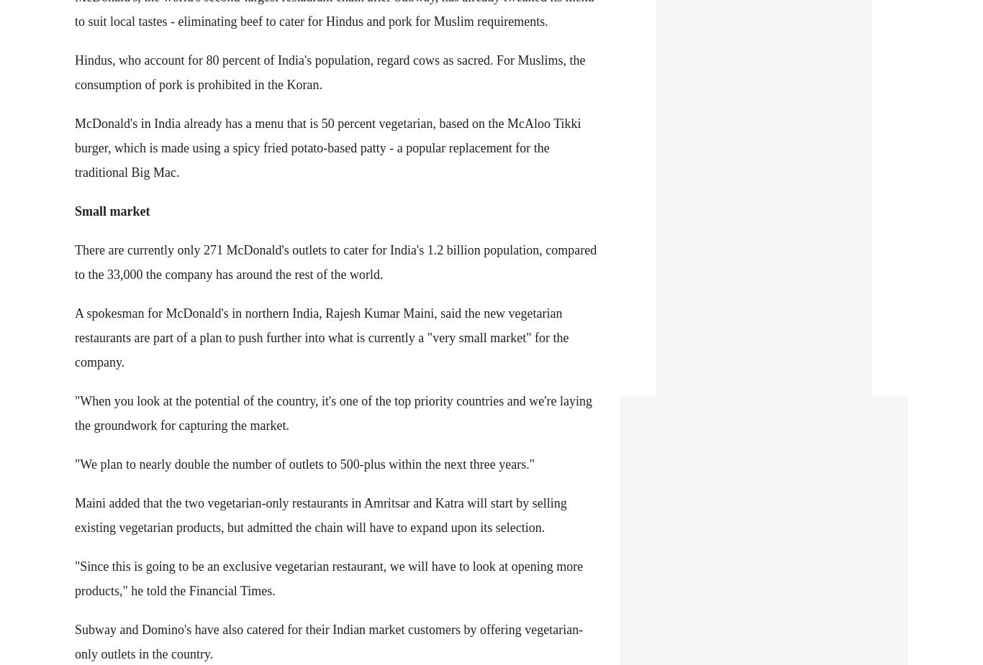  I want to click on '"Since this is going to be an exclusive vegetarian restaurant, we will have to look at opening more products," he told the Financial Times.', so click(329, 578).